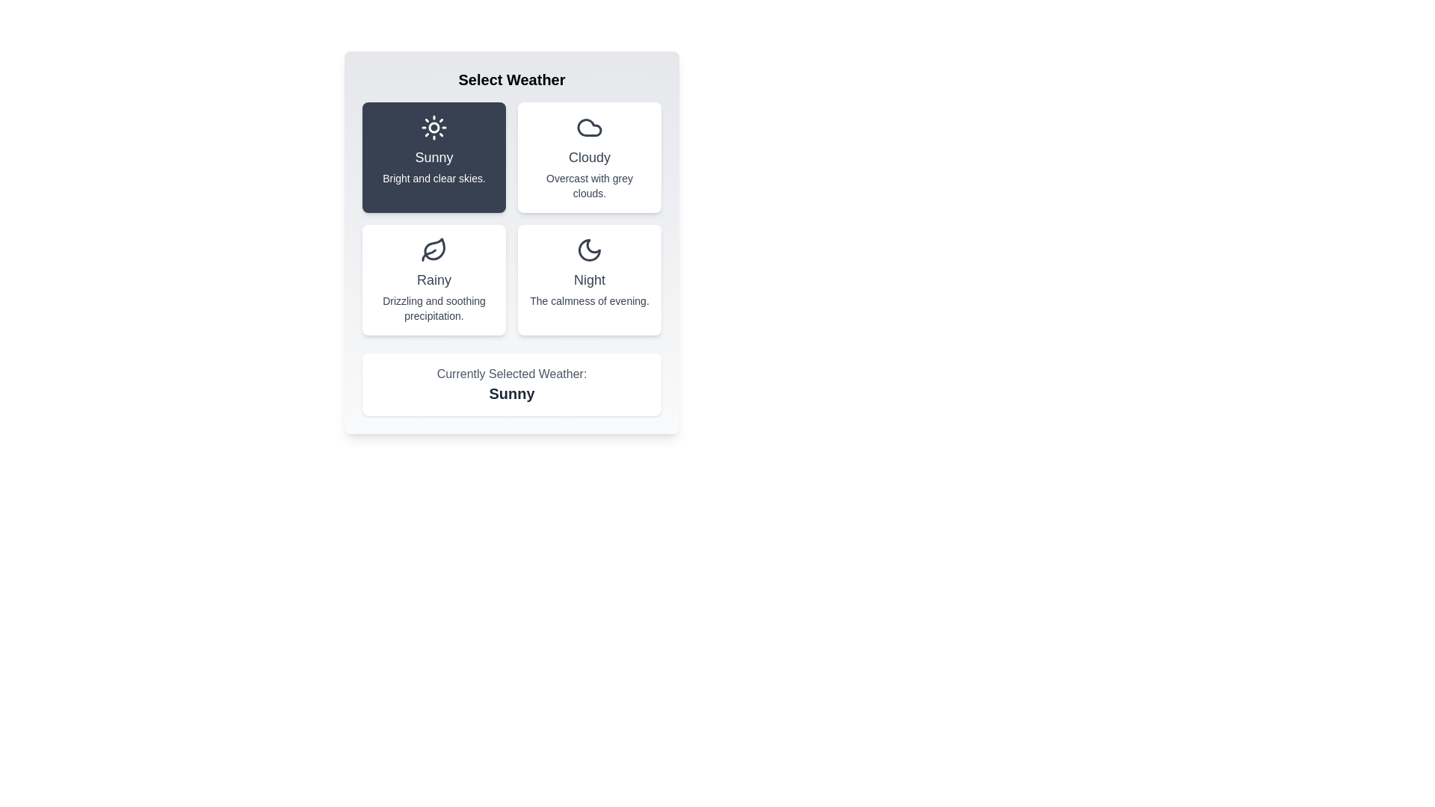  I want to click on the weather type Sunny by clicking on its corresponding button, so click(433, 158).